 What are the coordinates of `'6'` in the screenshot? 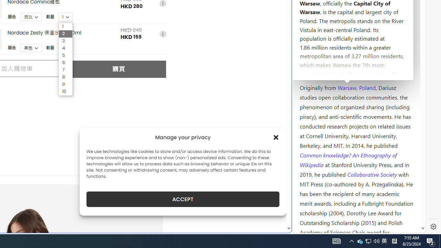 It's located at (65, 63).